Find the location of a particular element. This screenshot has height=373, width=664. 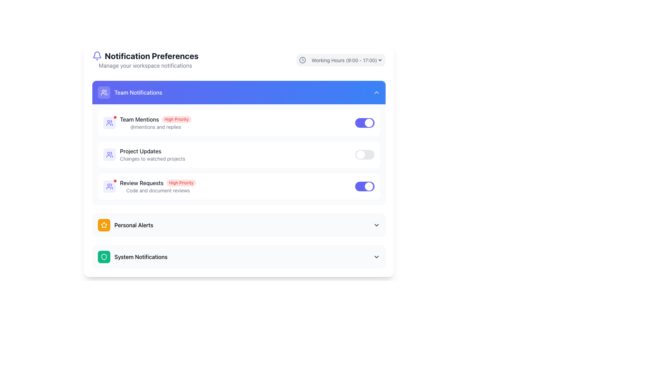

the 'Team Mentions' list item within the 'Team Notifications' section is located at coordinates (147, 122).